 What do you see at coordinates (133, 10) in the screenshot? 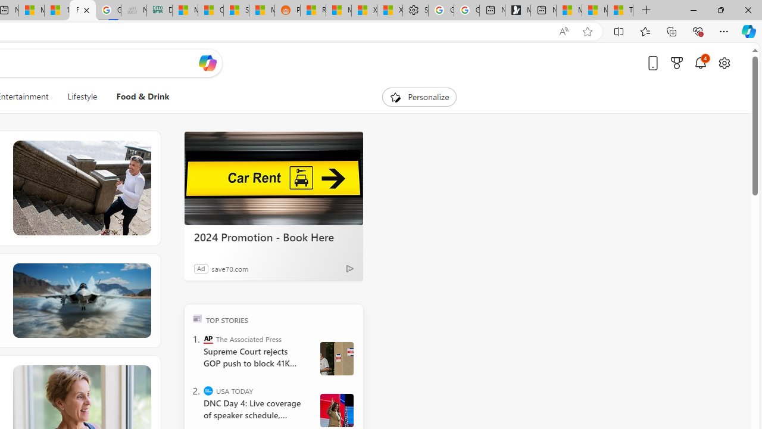
I see `'Navy Quest'` at bounding box center [133, 10].